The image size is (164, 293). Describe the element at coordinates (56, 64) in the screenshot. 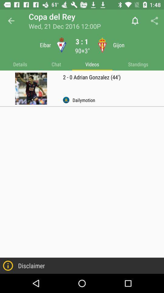

I see `chat` at that location.